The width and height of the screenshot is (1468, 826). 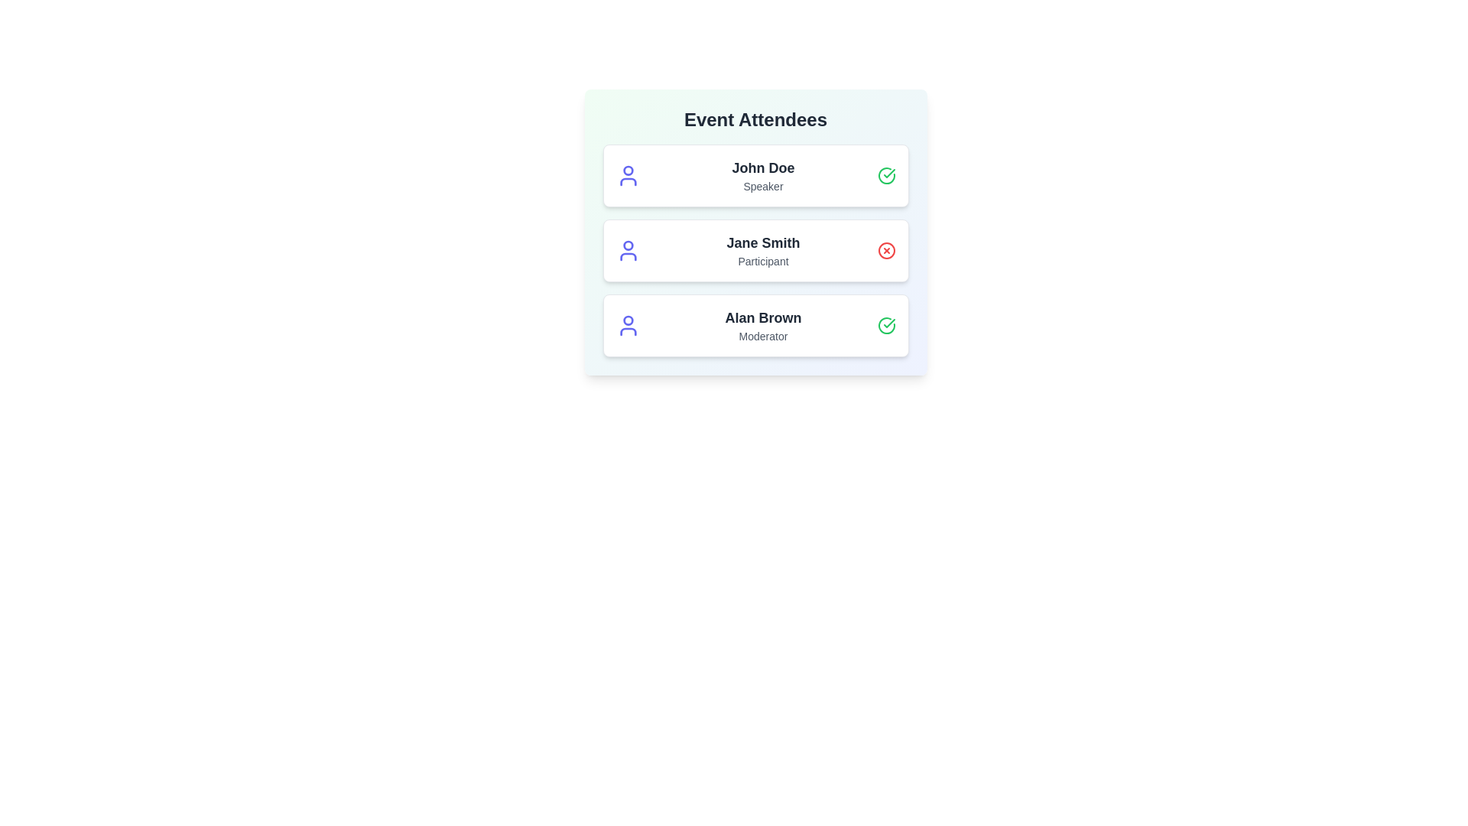 I want to click on the role label to filter attendees by Participant, so click(x=763, y=261).